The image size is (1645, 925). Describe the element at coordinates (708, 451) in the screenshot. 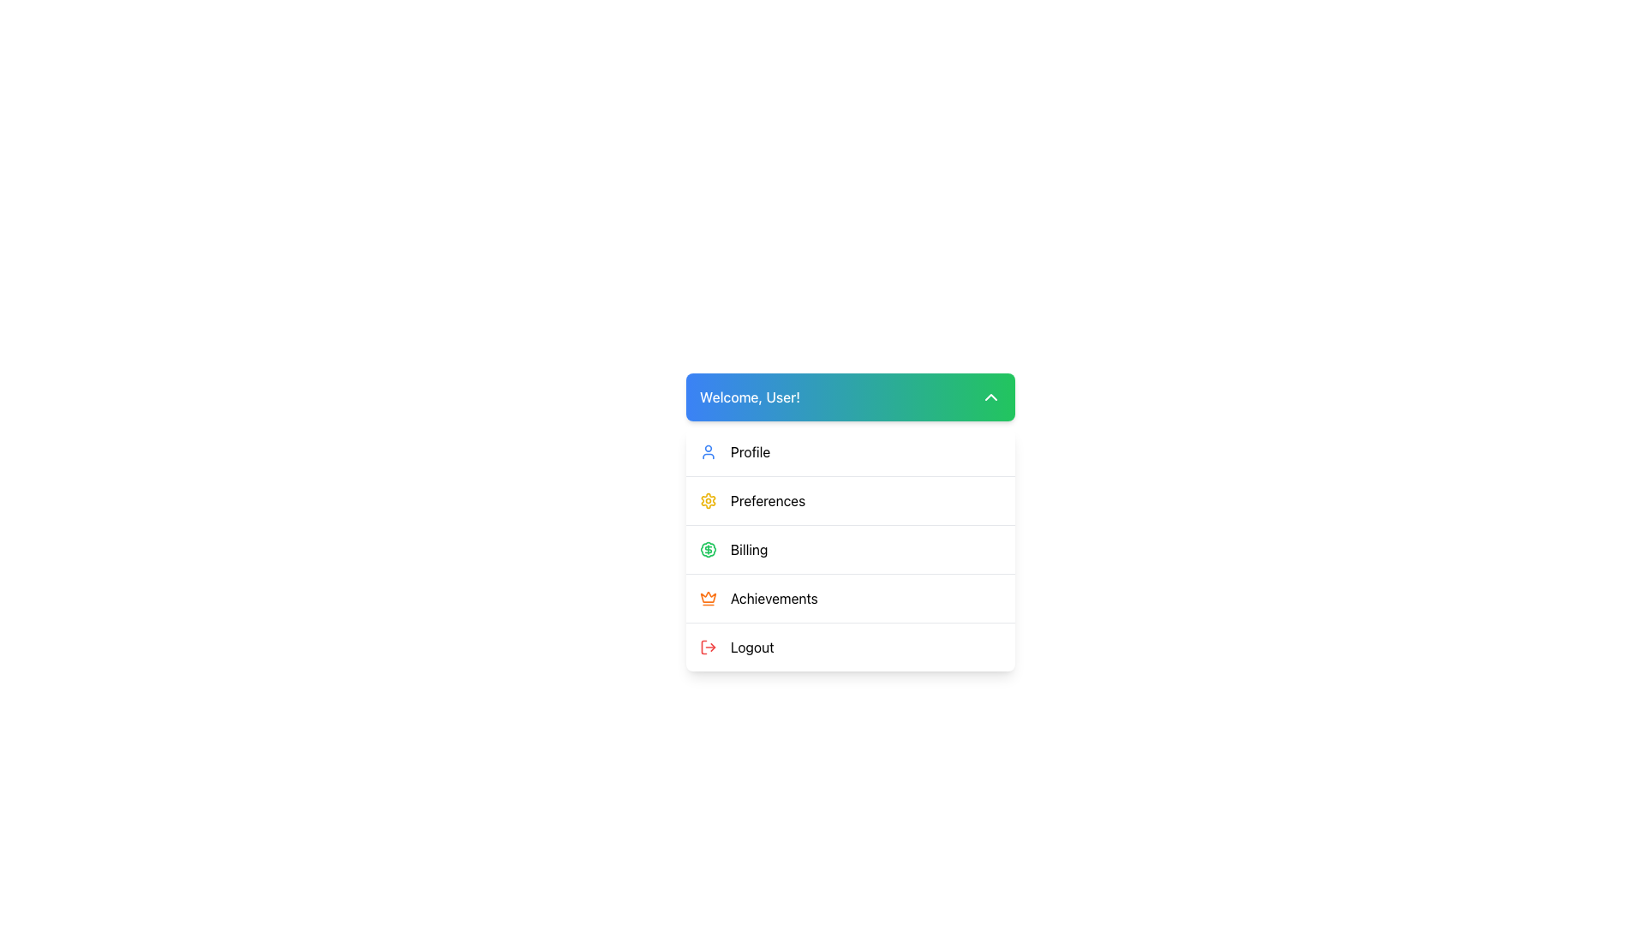

I see `the user silhouette icon styled in blue, located to the left of the 'Profile' text in the dropdown menu under 'Welcome, User!'` at that location.